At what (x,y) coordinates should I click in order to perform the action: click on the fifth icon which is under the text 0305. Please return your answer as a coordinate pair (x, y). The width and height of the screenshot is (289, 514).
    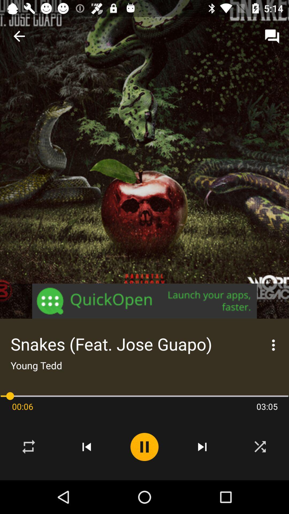
    Looking at the image, I should click on (260, 447).